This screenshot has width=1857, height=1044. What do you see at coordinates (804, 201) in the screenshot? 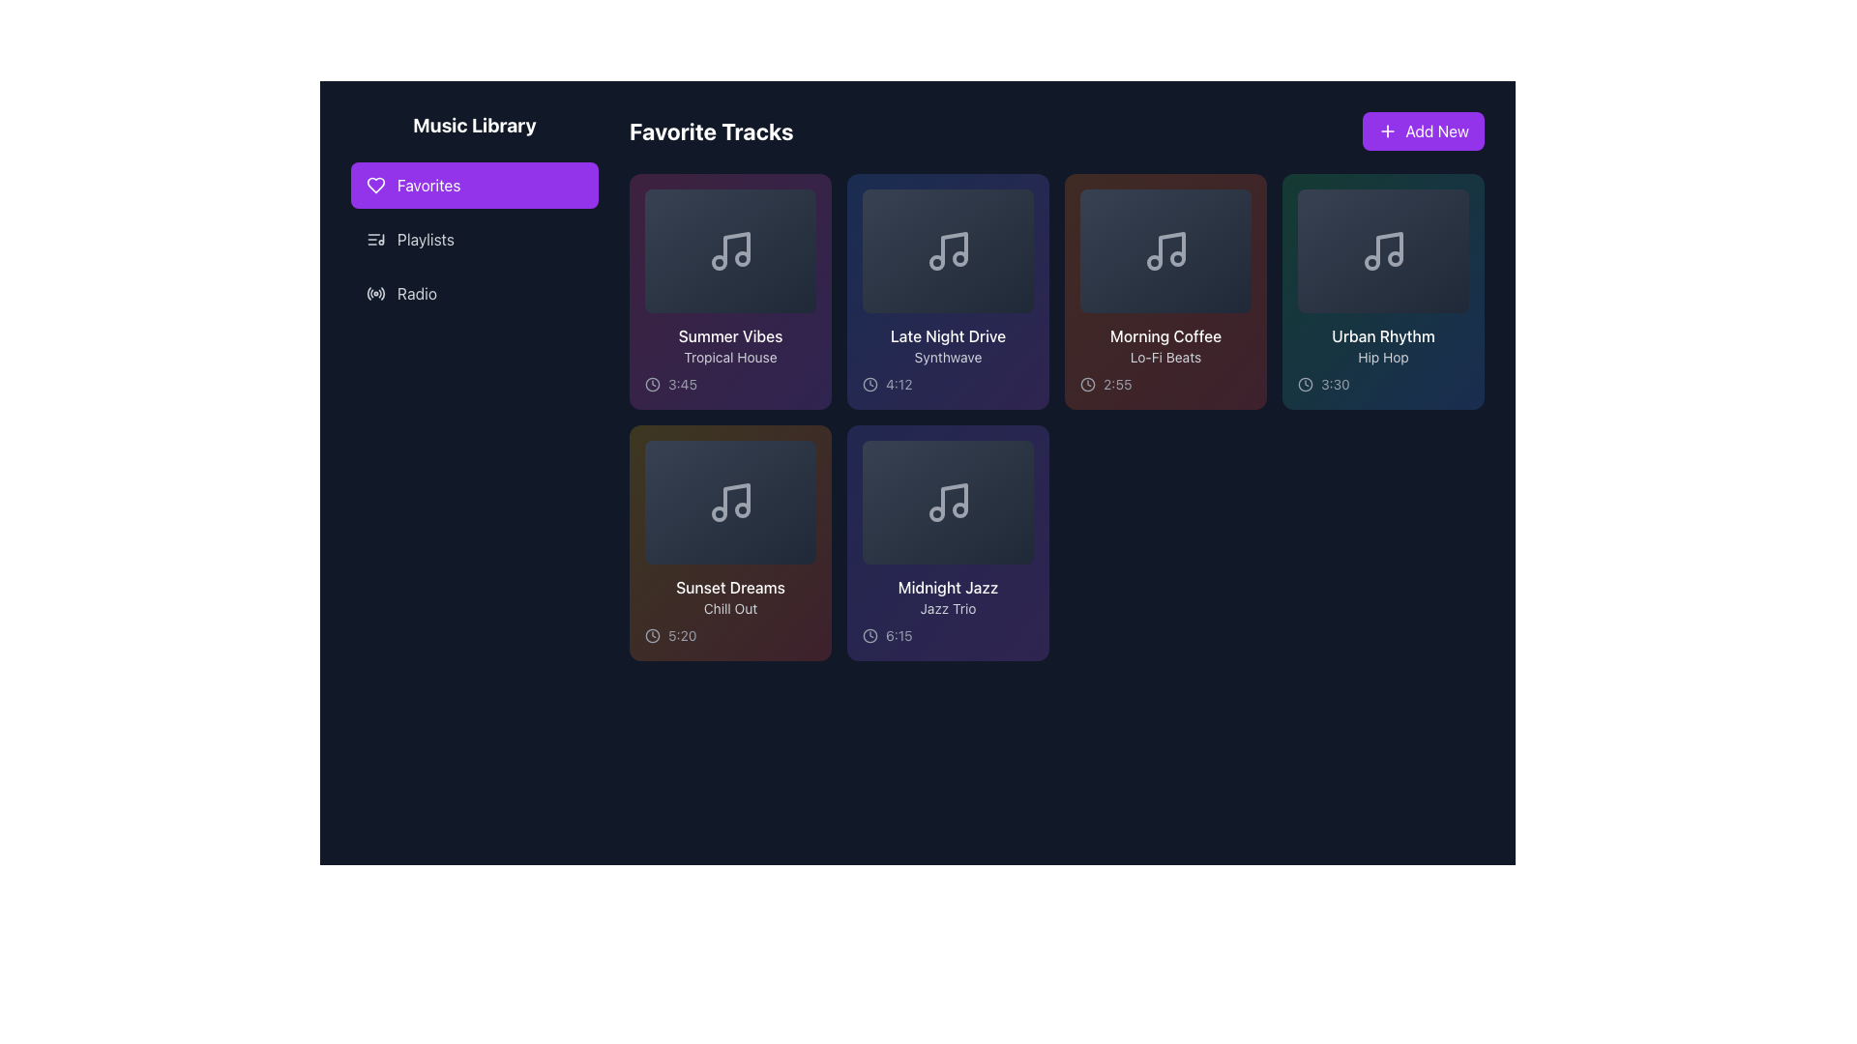
I see `the graphical representation of the circle located in the top-right corner of the 'Summer Vibes' track card, which is part of a grouped circular play icon` at bounding box center [804, 201].